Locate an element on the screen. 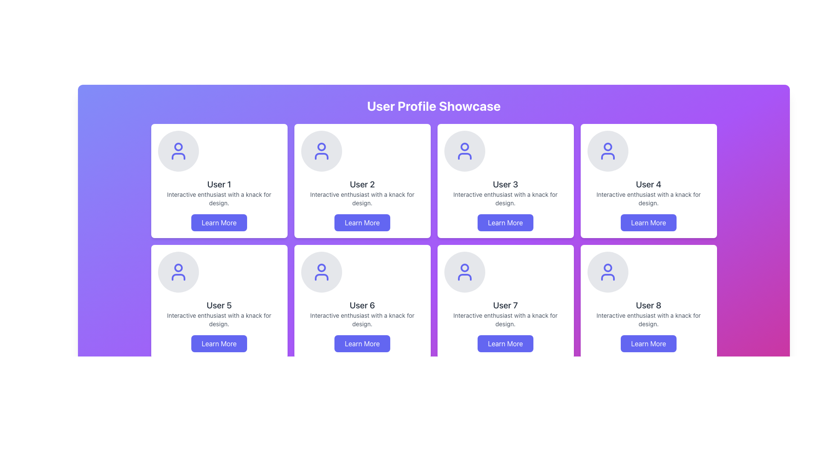  the 'Learn More' button with a purple fill color, located in the user profile card of 'User 6' is located at coordinates (362, 343).